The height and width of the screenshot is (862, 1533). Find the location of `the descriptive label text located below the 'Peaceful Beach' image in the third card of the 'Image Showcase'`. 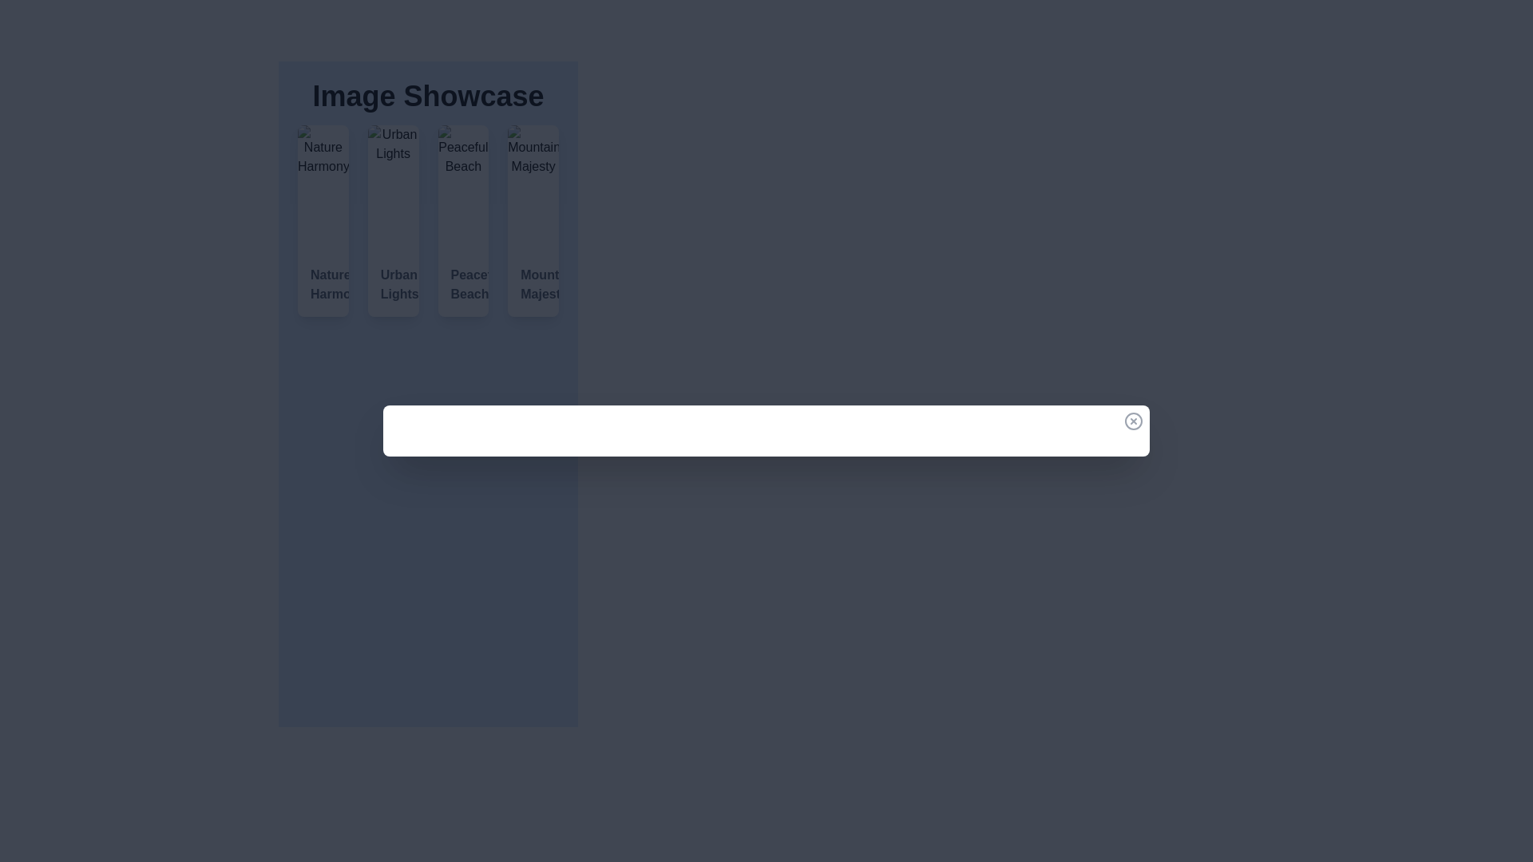

the descriptive label text located below the 'Peaceful Beach' image in the third card of the 'Image Showcase' is located at coordinates (462, 284).